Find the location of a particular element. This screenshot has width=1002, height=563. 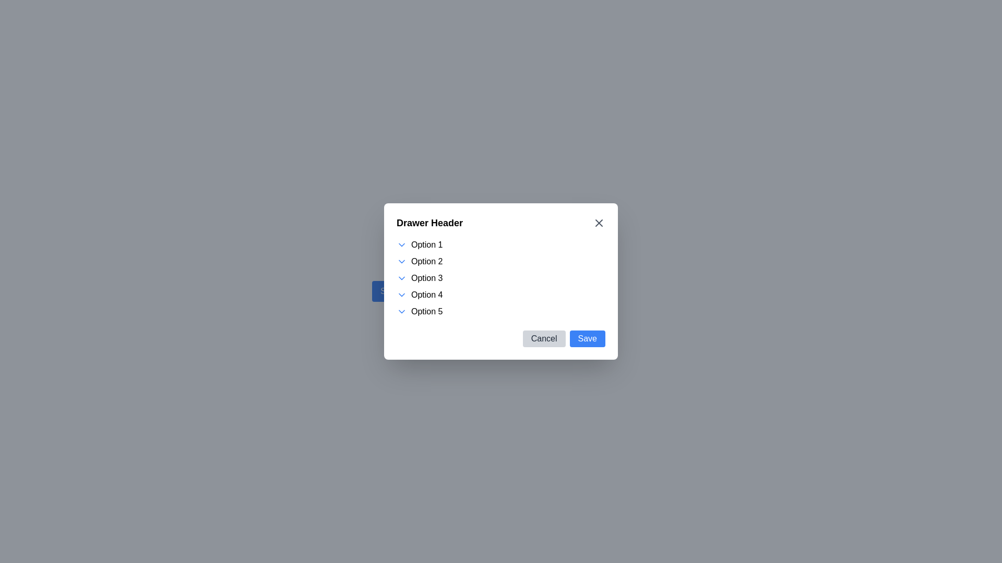

the 'Drawer Header' text label, which is a bold, large font element located at the top-left corner of a modal or popup box is located at coordinates (430, 223).